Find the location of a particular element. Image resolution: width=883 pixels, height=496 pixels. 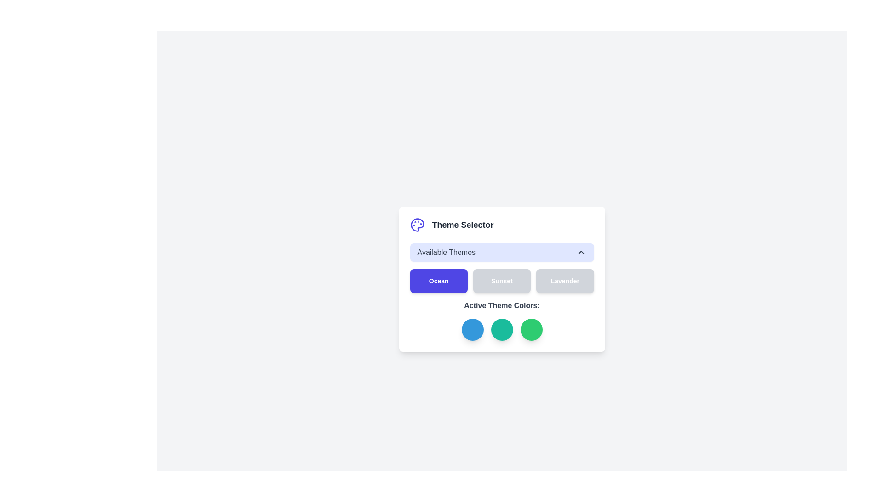

the interactive dropdown button located in the 'Theme Selector' card is located at coordinates (501, 253).